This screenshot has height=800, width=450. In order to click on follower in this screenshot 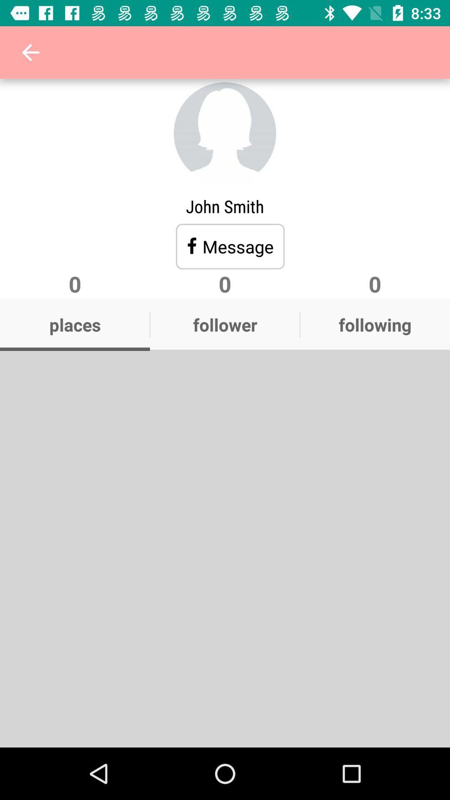, I will do `click(225, 324)`.